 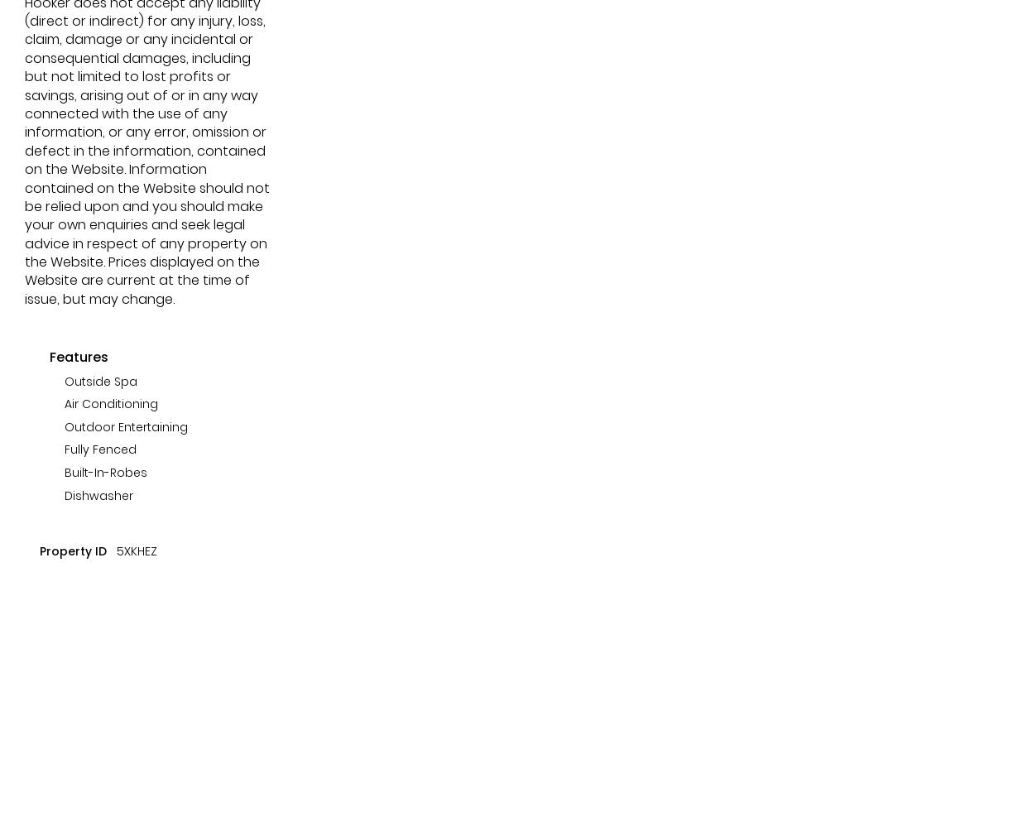 I want to click on 'View Available Rentals', so click(x=148, y=130).